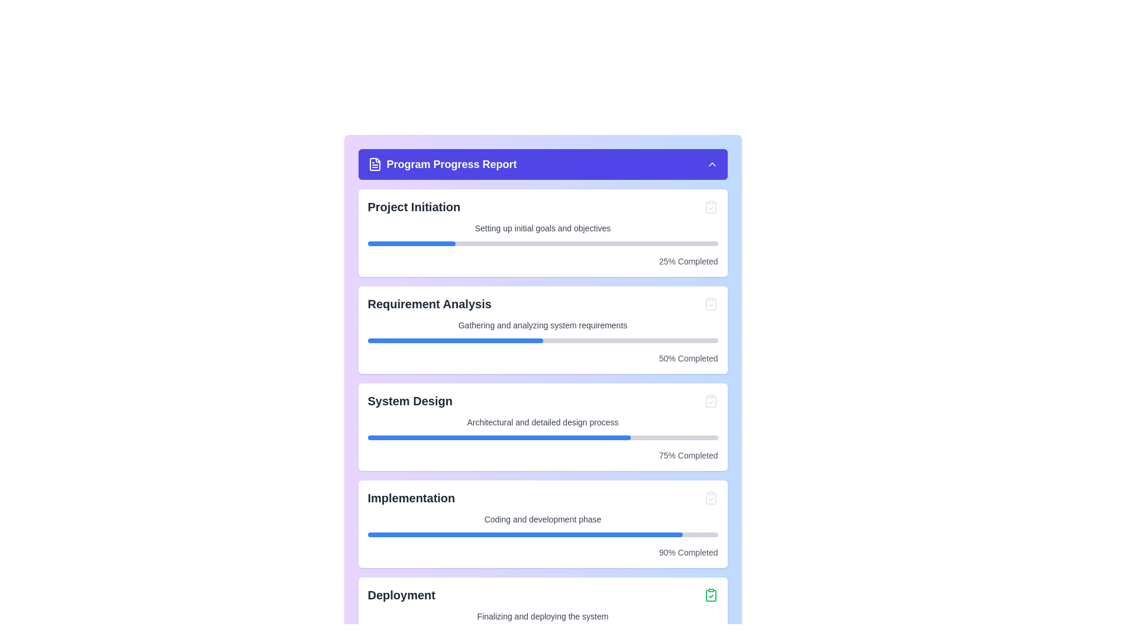 This screenshot has width=1136, height=639. Describe the element at coordinates (524, 534) in the screenshot. I see `the blue progress bar indicating 90% progress in the 'Implementation' section` at that location.